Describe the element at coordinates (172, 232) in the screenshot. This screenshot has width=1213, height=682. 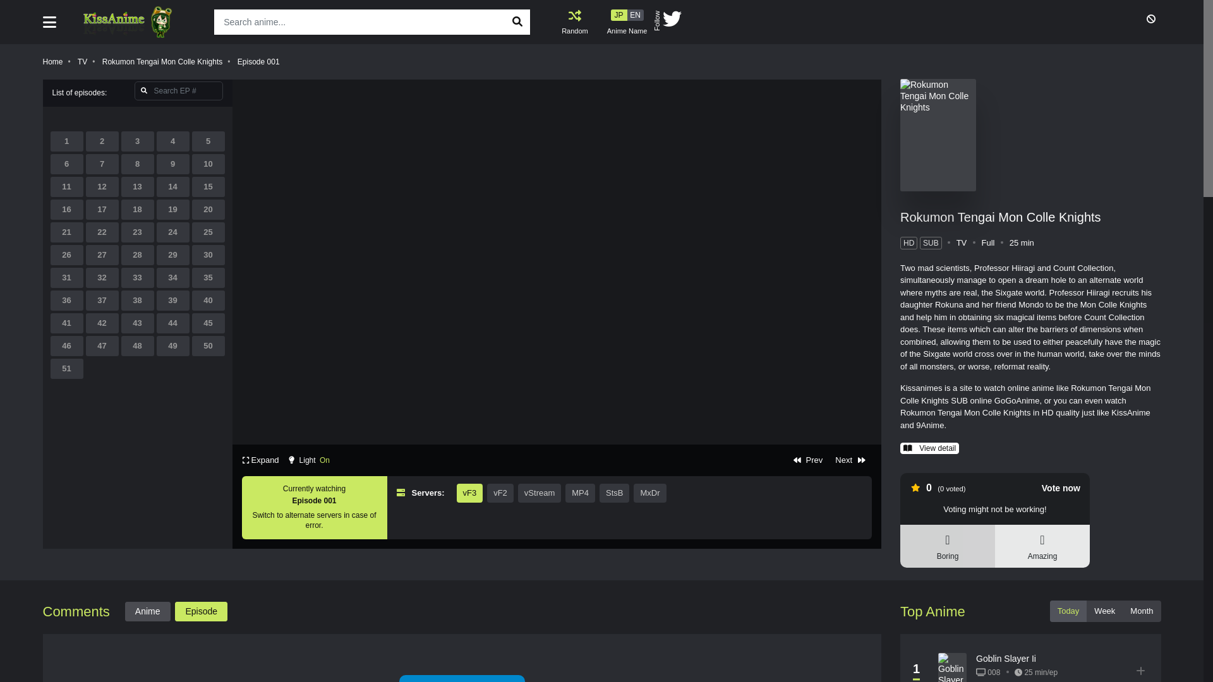
I see `'24'` at that location.